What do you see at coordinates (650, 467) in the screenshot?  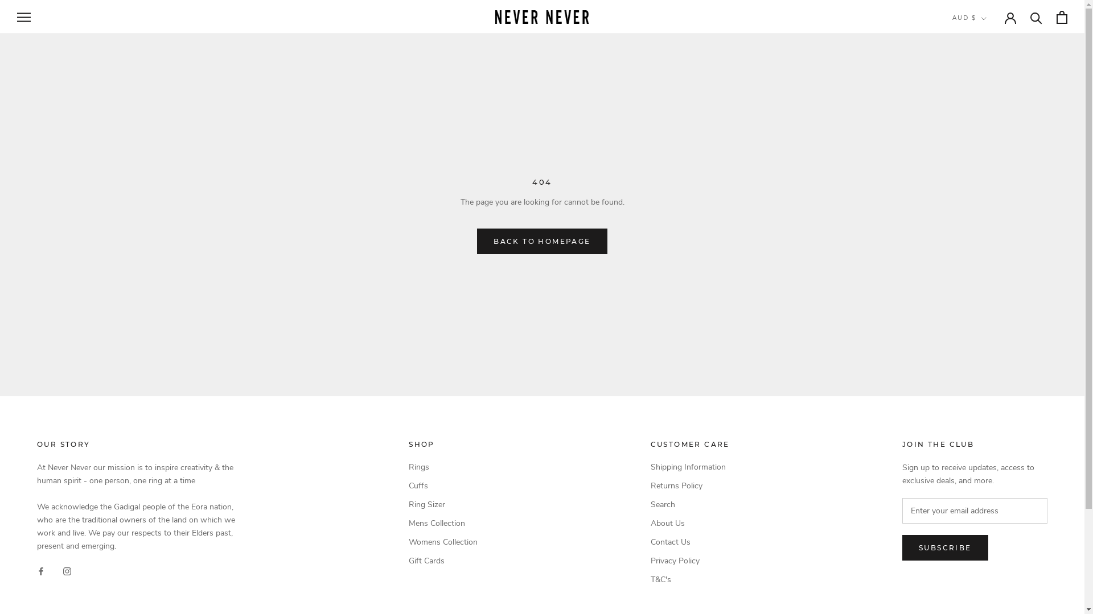 I see `'Shipping Information'` at bounding box center [650, 467].